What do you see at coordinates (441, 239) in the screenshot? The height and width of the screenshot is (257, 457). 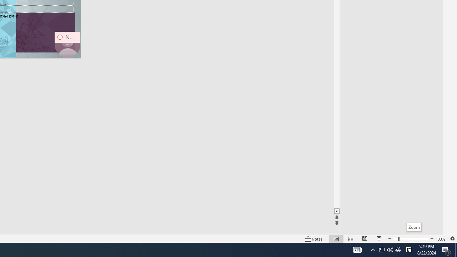 I see `'Zoom 33%'` at bounding box center [441, 239].